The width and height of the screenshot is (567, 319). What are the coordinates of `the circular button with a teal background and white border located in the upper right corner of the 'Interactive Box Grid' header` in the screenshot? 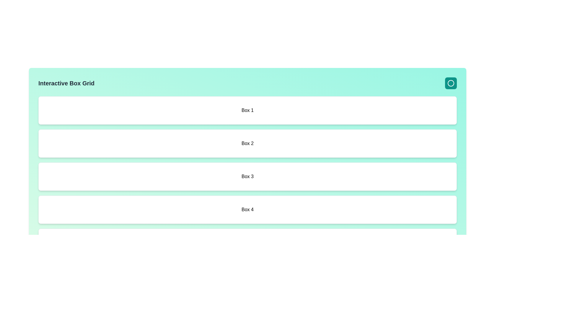 It's located at (450, 83).